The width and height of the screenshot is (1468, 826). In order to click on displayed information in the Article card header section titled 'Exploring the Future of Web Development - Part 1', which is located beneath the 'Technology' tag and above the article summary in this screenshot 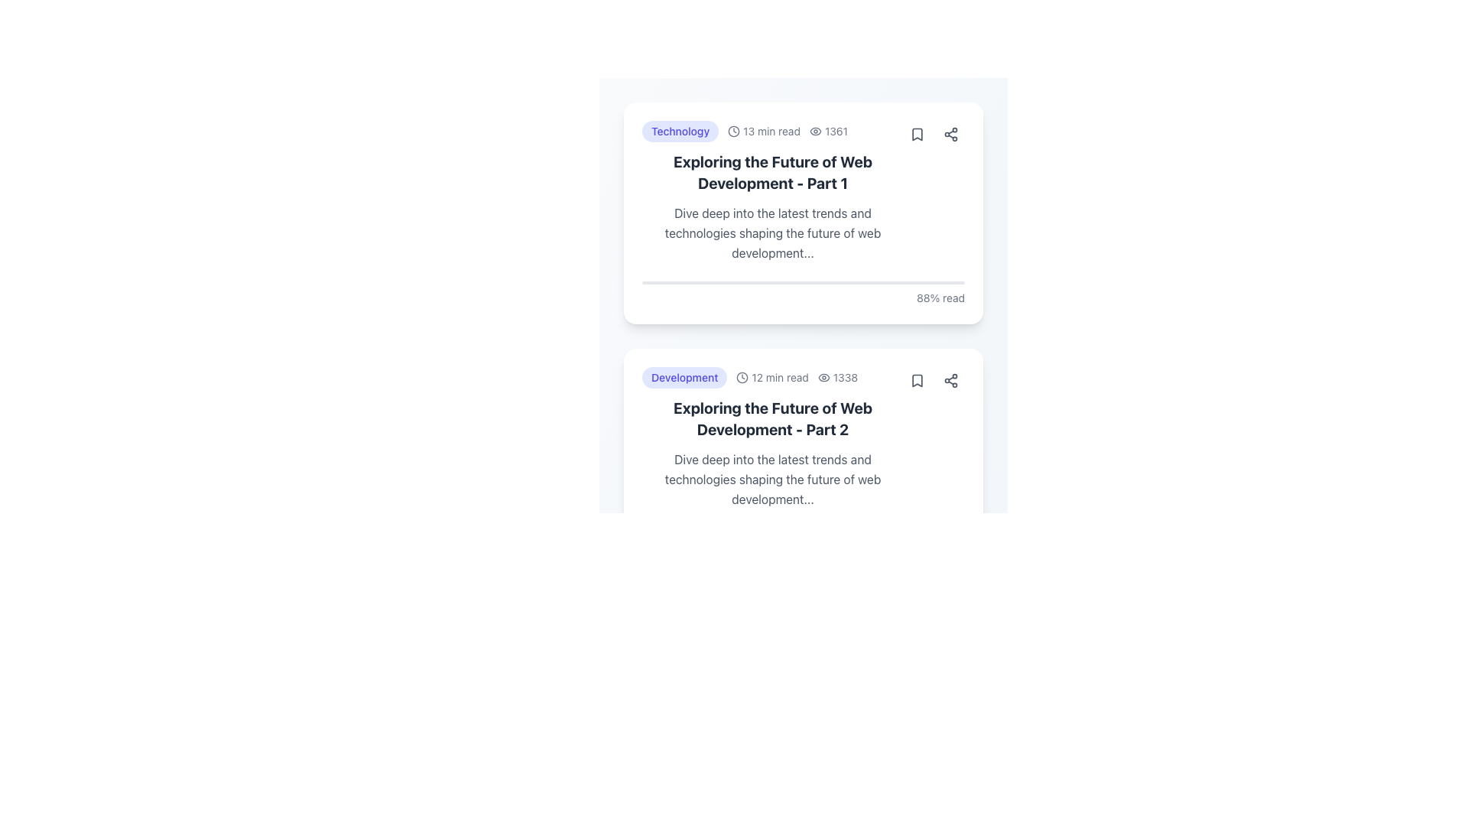, I will do `click(803, 190)`.